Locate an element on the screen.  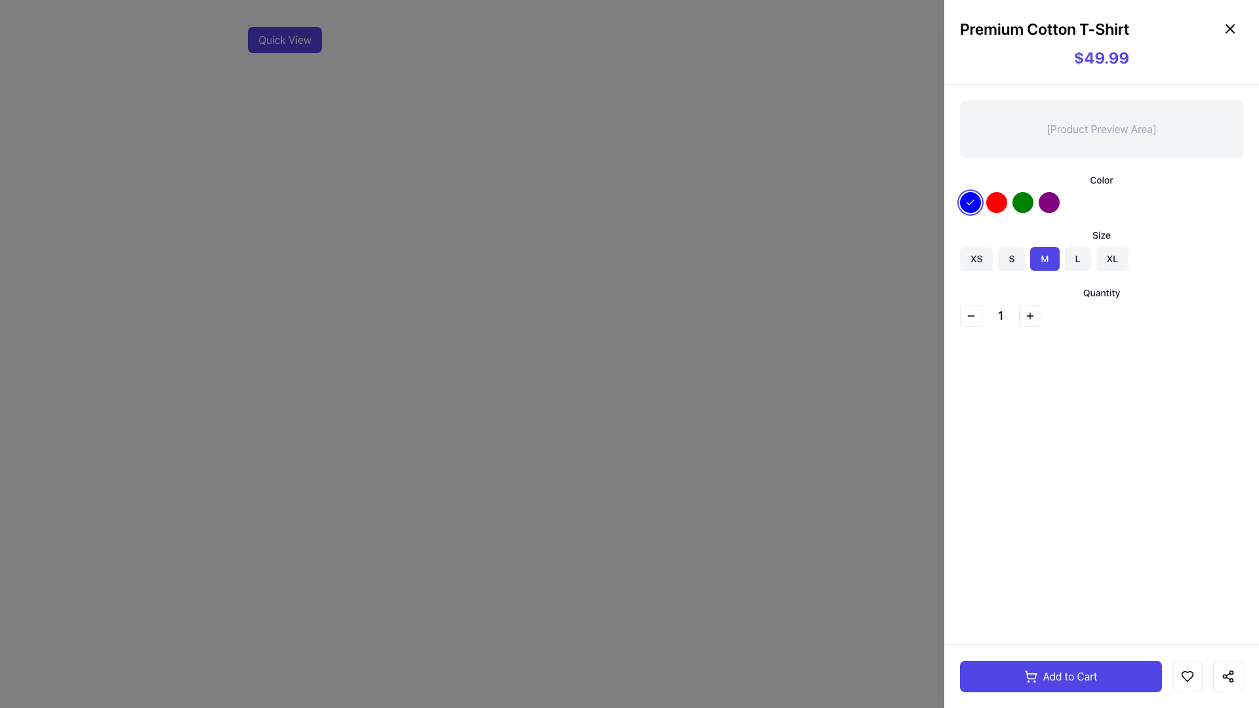
the 'XS' size selection button located under the 'Size' label on the right panel is located at coordinates (976, 258).